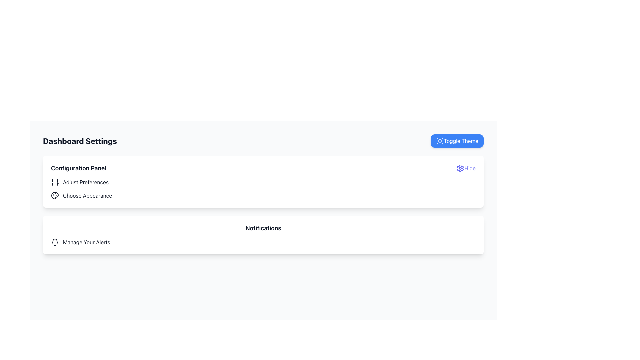 This screenshot has height=360, width=640. I want to click on the appearance settings label located in the 'Configuration Panel', which is the second item below 'Adjust Preferences' and positioned to the right of a palette icon, so click(87, 195).